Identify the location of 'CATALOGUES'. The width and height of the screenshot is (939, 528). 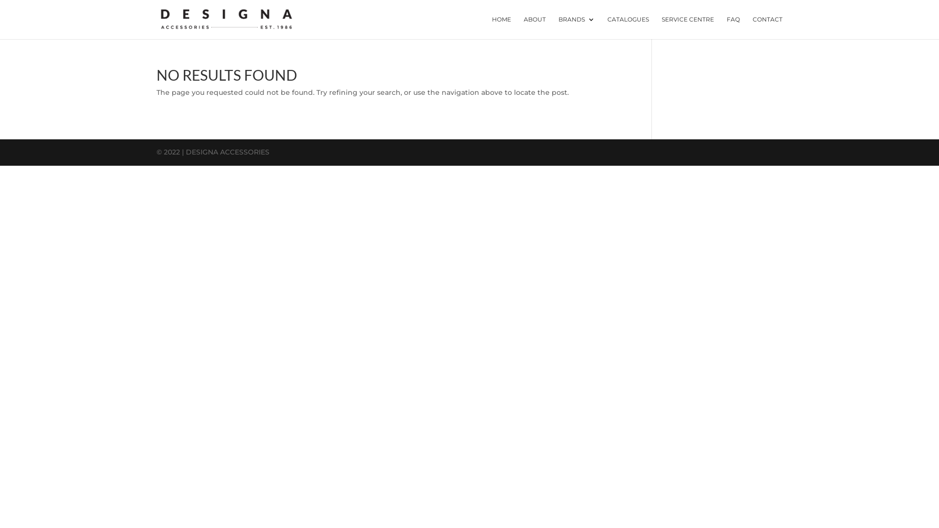
(628, 27).